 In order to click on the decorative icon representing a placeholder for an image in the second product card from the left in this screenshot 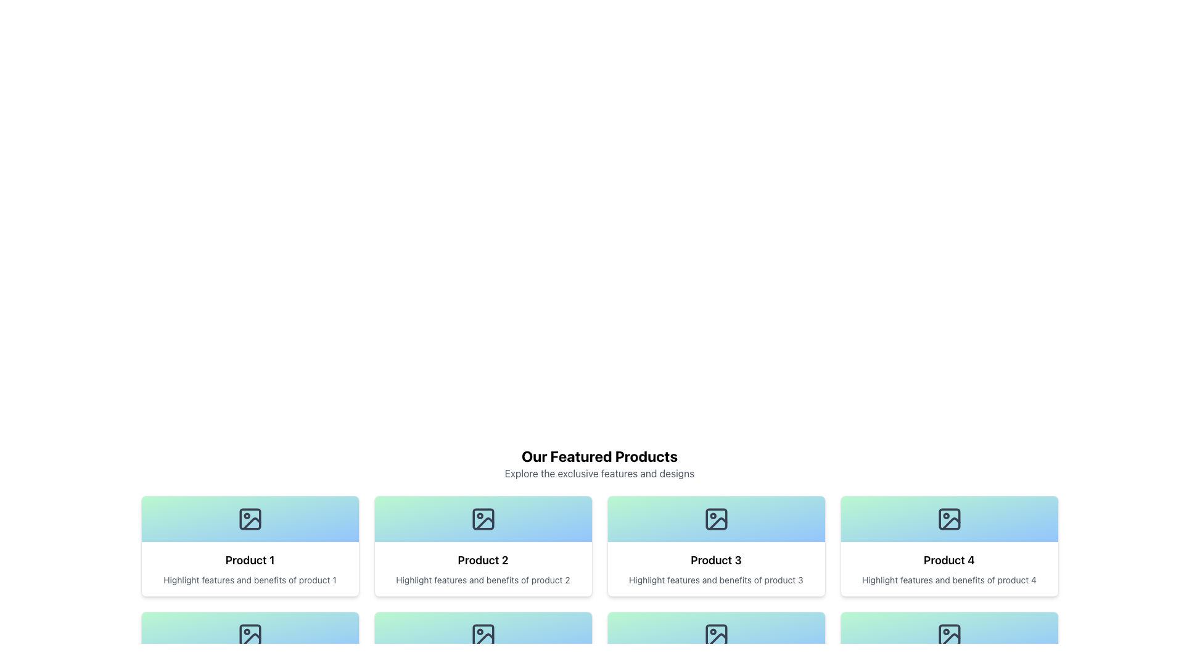, I will do `click(482, 519)`.